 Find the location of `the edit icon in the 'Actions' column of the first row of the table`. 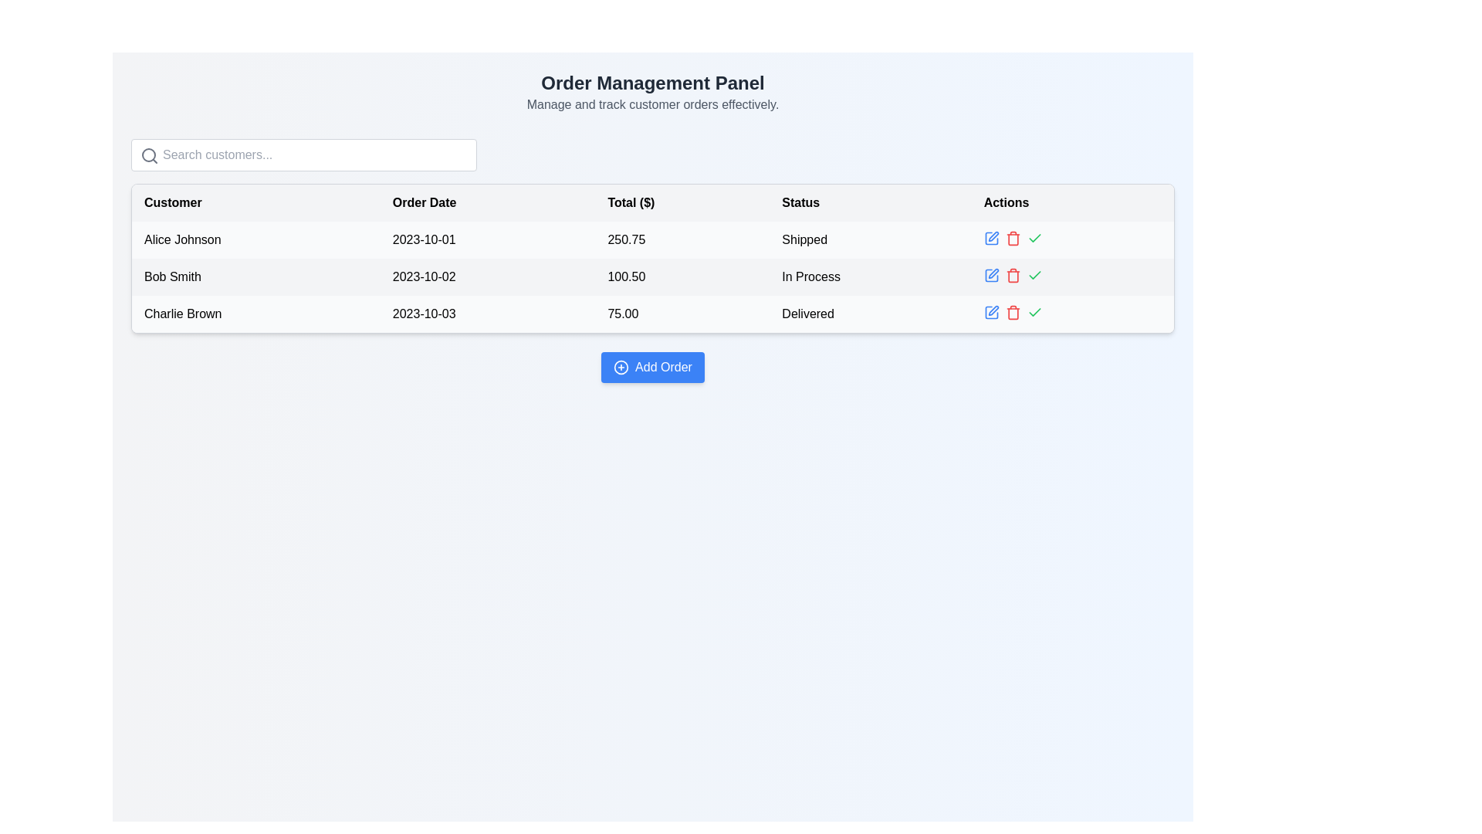

the edit icon in the 'Actions' column of the first row of the table is located at coordinates (991, 238).